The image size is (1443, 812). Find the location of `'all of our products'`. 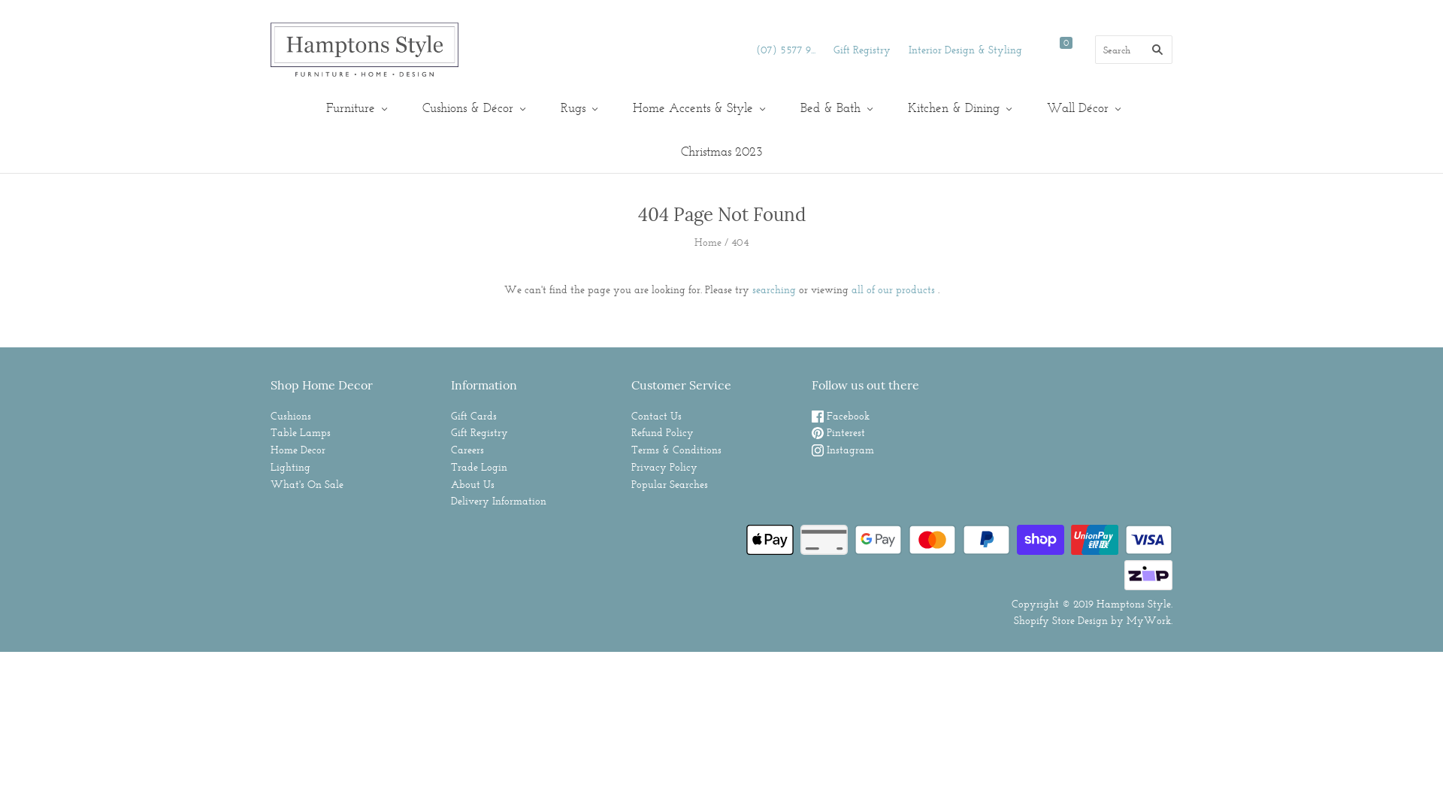

'all of our products' is located at coordinates (892, 289).